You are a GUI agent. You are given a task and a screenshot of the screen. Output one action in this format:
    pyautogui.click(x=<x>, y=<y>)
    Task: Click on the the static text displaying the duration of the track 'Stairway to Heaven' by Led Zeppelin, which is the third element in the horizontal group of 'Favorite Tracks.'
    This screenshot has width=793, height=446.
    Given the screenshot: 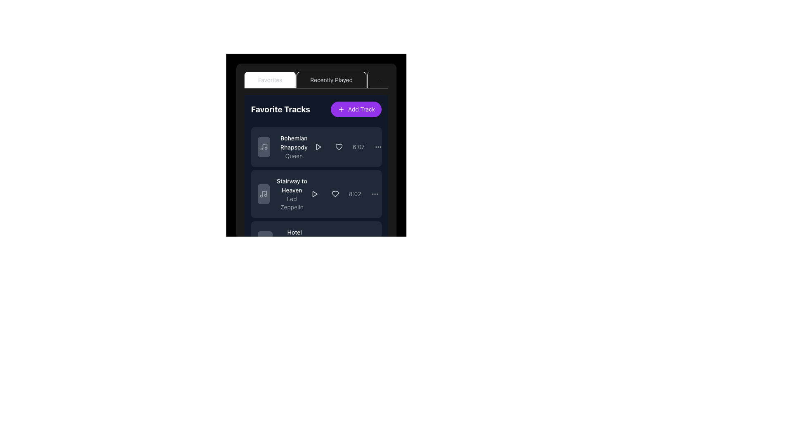 What is the action you would take?
    pyautogui.click(x=344, y=194)
    